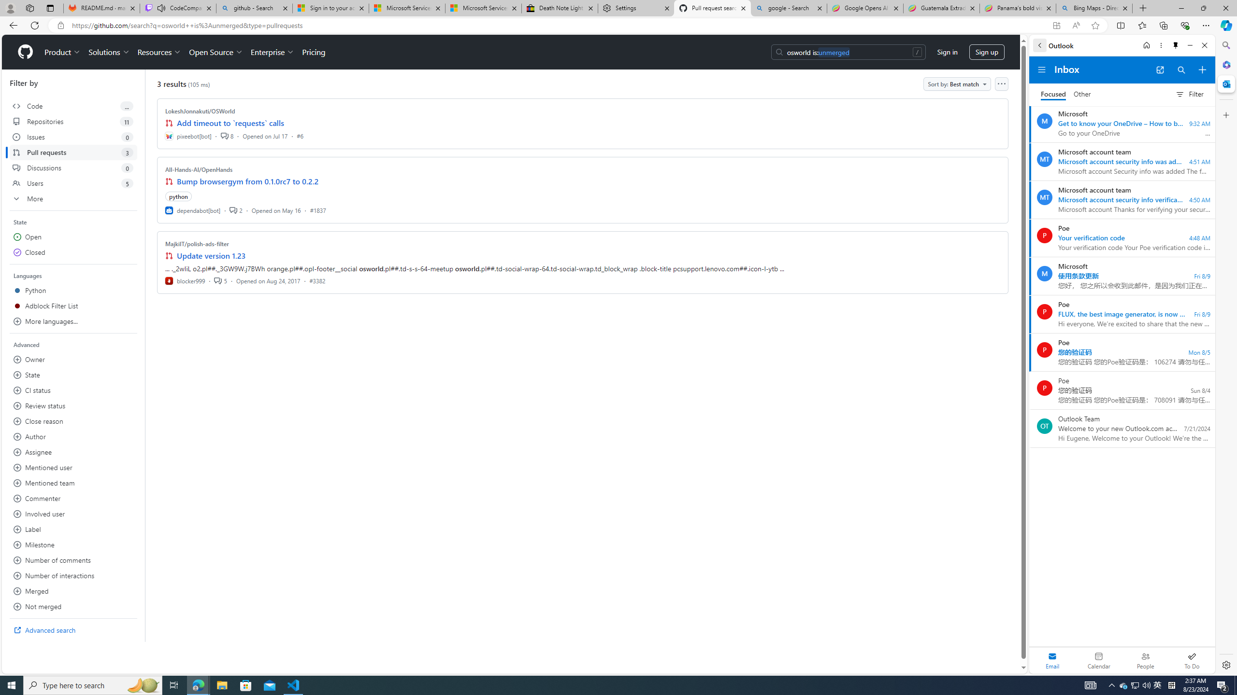 This screenshot has height=695, width=1237. What do you see at coordinates (185, 280) in the screenshot?
I see `'blocker999'` at bounding box center [185, 280].